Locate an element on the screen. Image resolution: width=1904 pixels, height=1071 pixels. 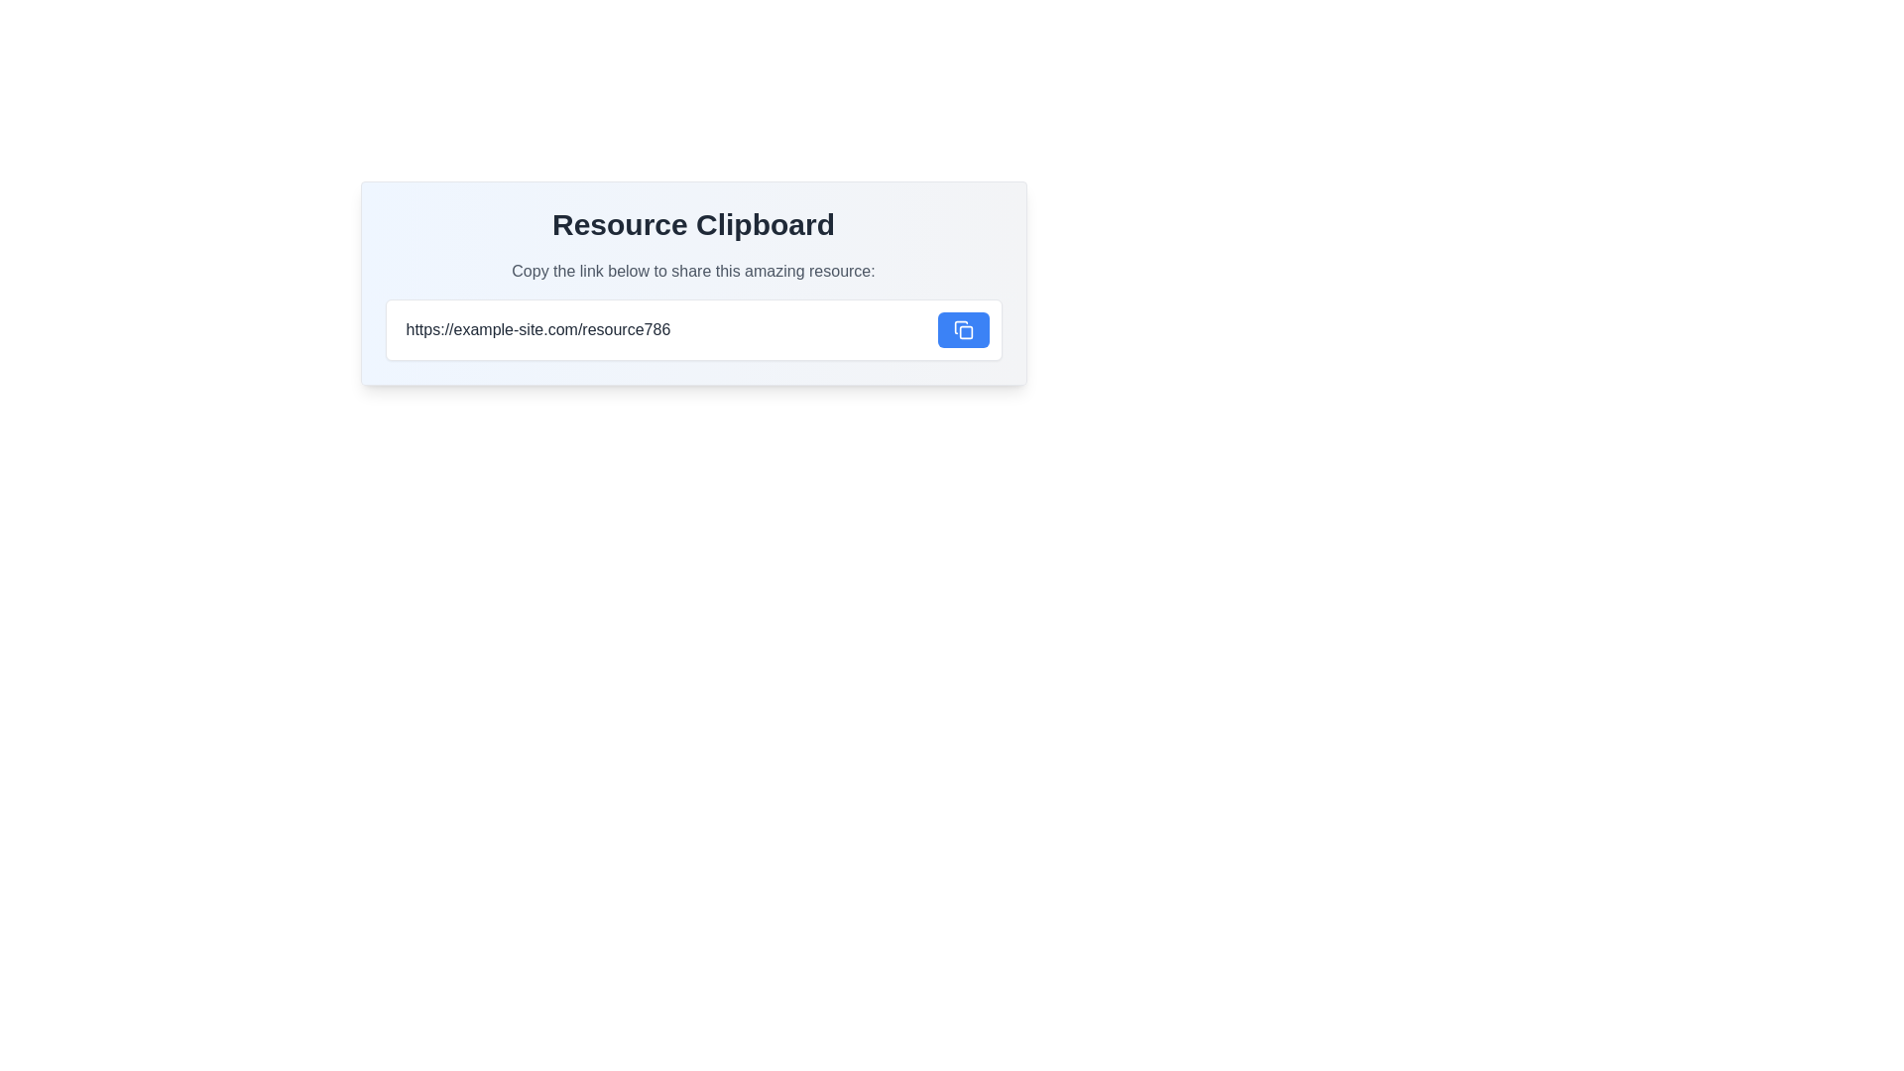
the button with an icon that copies the adjacent text box's content, which is positioned to the right of a URL text box is located at coordinates (963, 328).